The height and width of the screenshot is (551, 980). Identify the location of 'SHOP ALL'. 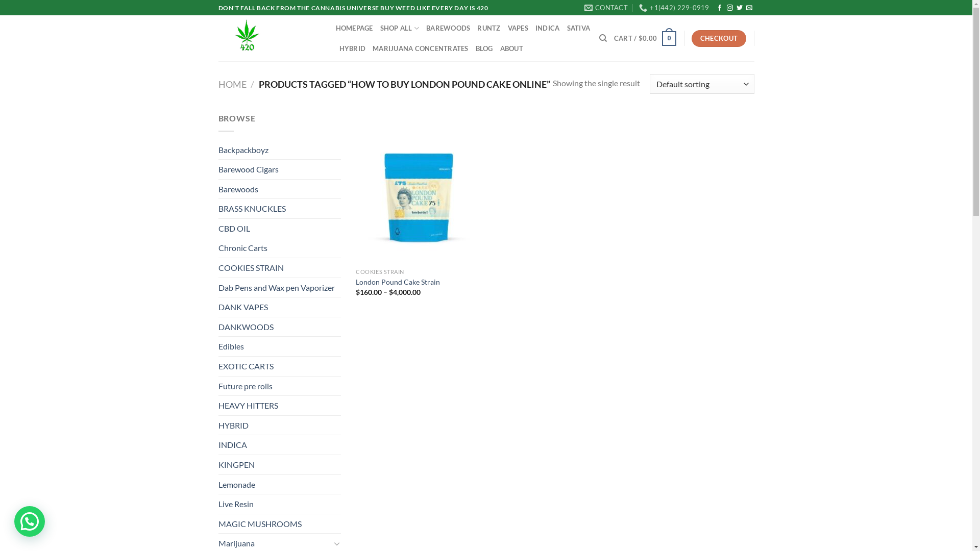
(399, 27).